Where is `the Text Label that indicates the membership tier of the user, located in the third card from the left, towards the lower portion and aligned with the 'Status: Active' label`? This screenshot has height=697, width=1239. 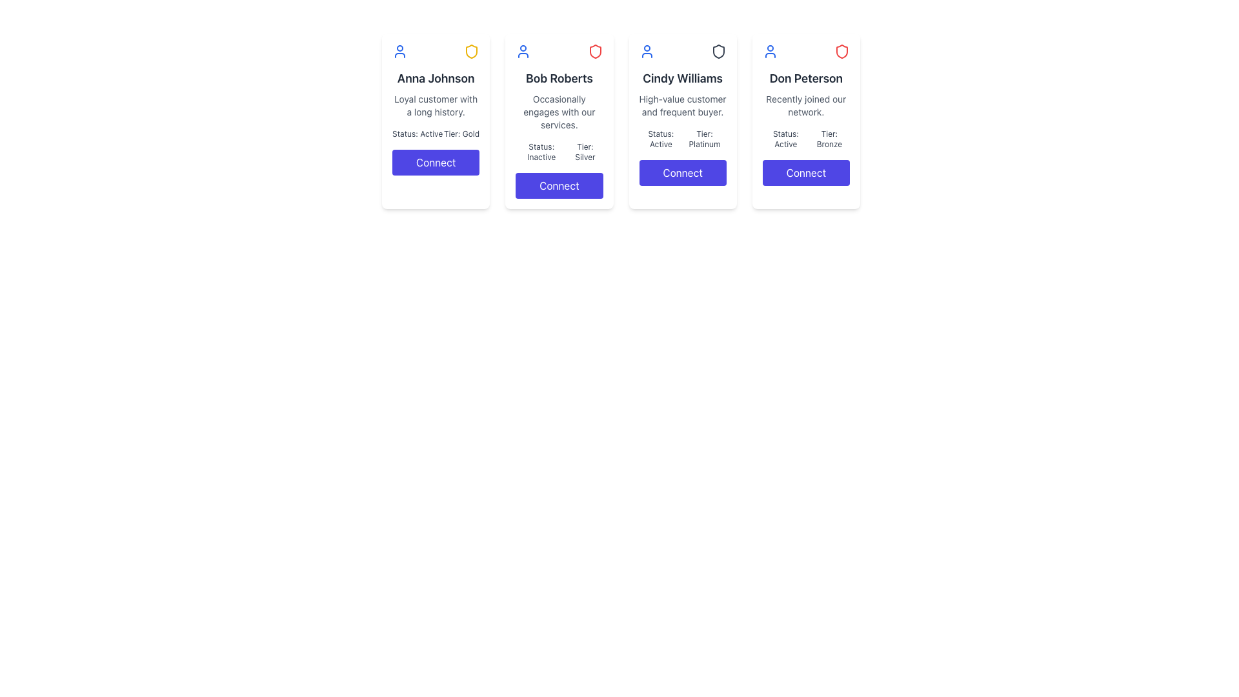 the Text Label that indicates the membership tier of the user, located in the third card from the left, towards the lower portion and aligned with the 'Status: Active' label is located at coordinates (704, 139).